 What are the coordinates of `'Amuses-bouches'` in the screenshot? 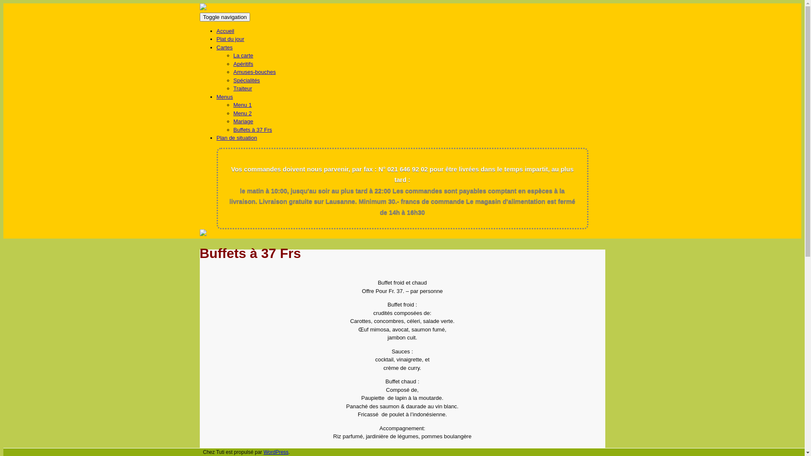 It's located at (253, 71).